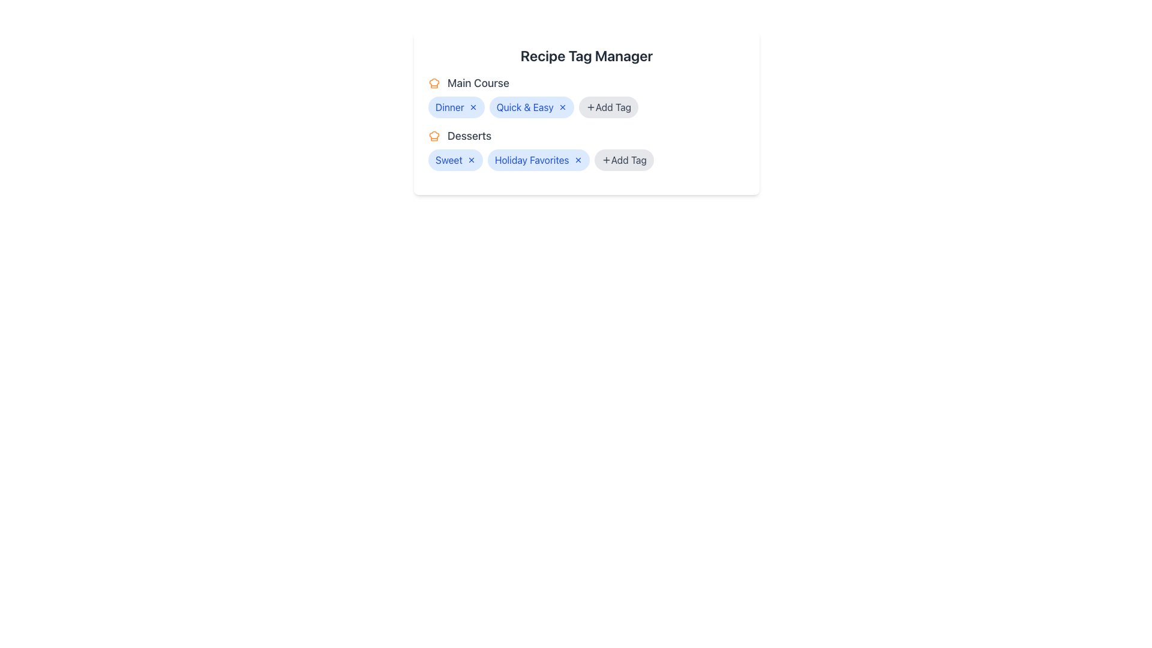 This screenshot has width=1152, height=648. What do you see at coordinates (469, 136) in the screenshot?
I see `the 'Desserts' text label, which is a medium-weight, large gray font located under the 'Main Course' section, positioned to the right of an orange chef's hat icon` at bounding box center [469, 136].